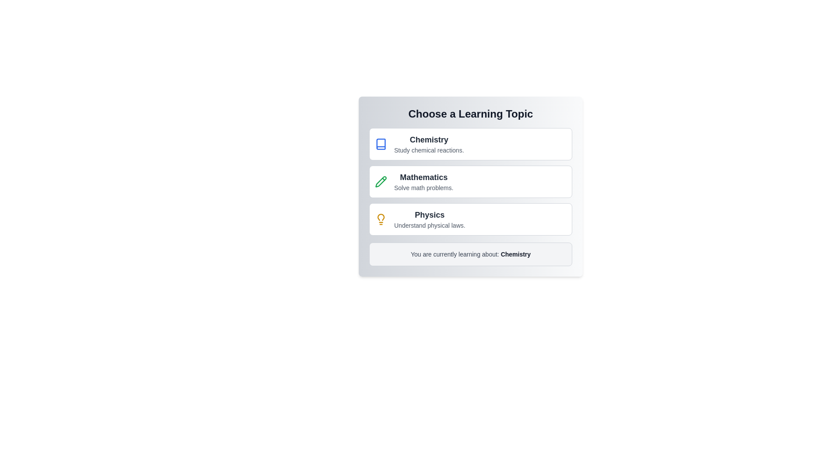  What do you see at coordinates (423, 177) in the screenshot?
I see `text label that serves as the title for the 'Mathematics' selection card, located at the top center of the application` at bounding box center [423, 177].